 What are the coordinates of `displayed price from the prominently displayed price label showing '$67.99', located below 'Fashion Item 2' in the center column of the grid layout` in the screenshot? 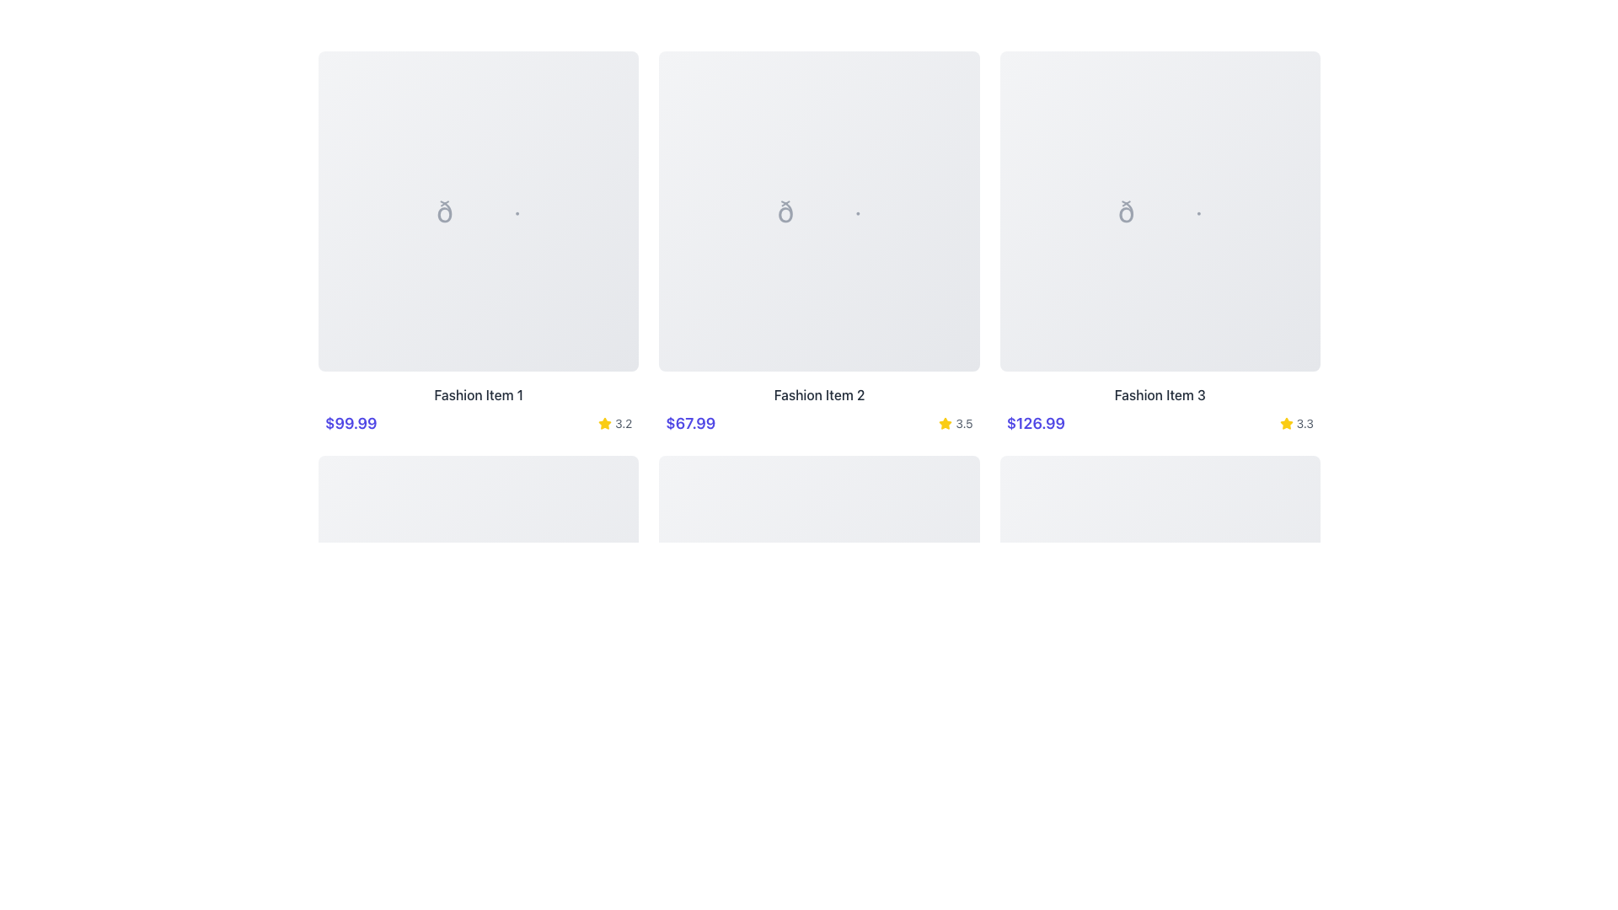 It's located at (690, 423).